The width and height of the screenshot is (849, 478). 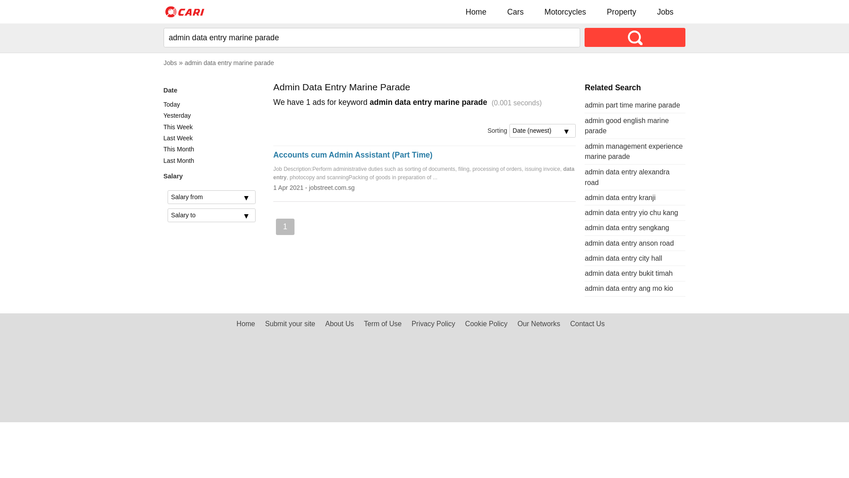 I want to click on 'admin good english marine parade', so click(x=626, y=126).